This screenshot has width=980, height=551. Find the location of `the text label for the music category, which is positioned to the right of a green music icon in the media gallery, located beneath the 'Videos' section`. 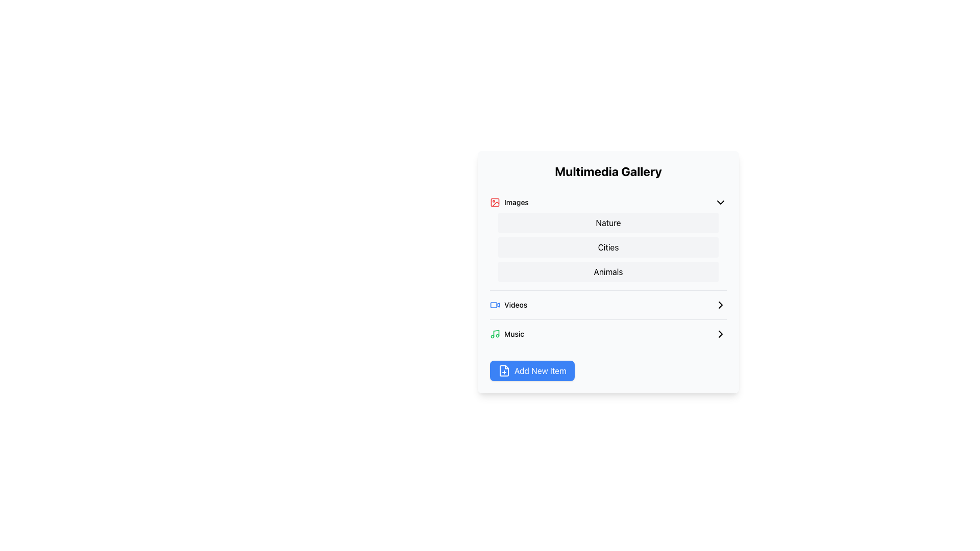

the text label for the music category, which is positioned to the right of a green music icon in the media gallery, located beneath the 'Videos' section is located at coordinates (514, 334).